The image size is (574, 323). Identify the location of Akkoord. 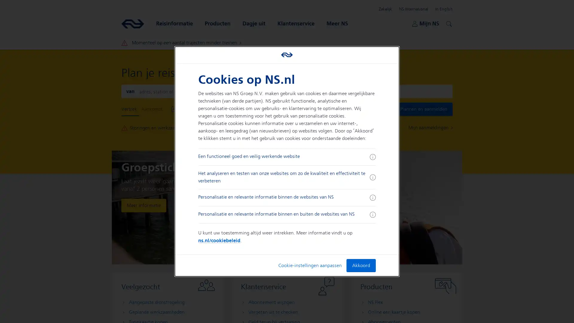
(360, 265).